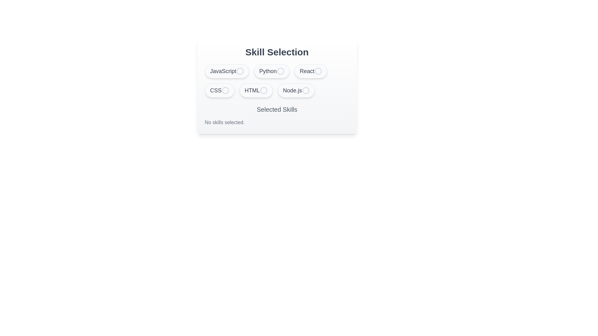 The height and width of the screenshot is (336, 598). Describe the element at coordinates (240, 71) in the screenshot. I see `the radio button` at that location.